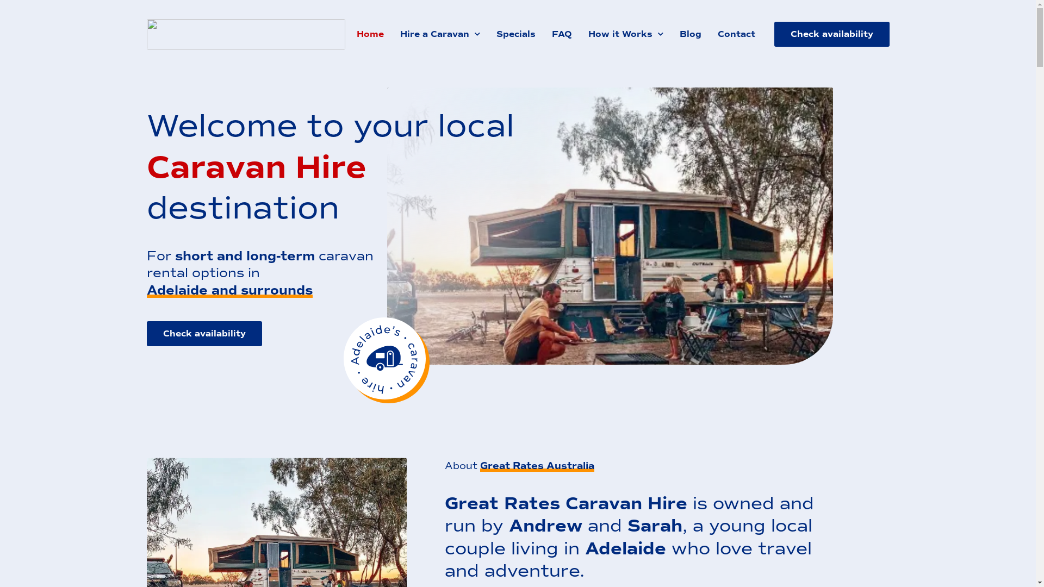 This screenshot has width=1044, height=587. Describe the element at coordinates (625, 33) in the screenshot. I see `'How it Works'` at that location.